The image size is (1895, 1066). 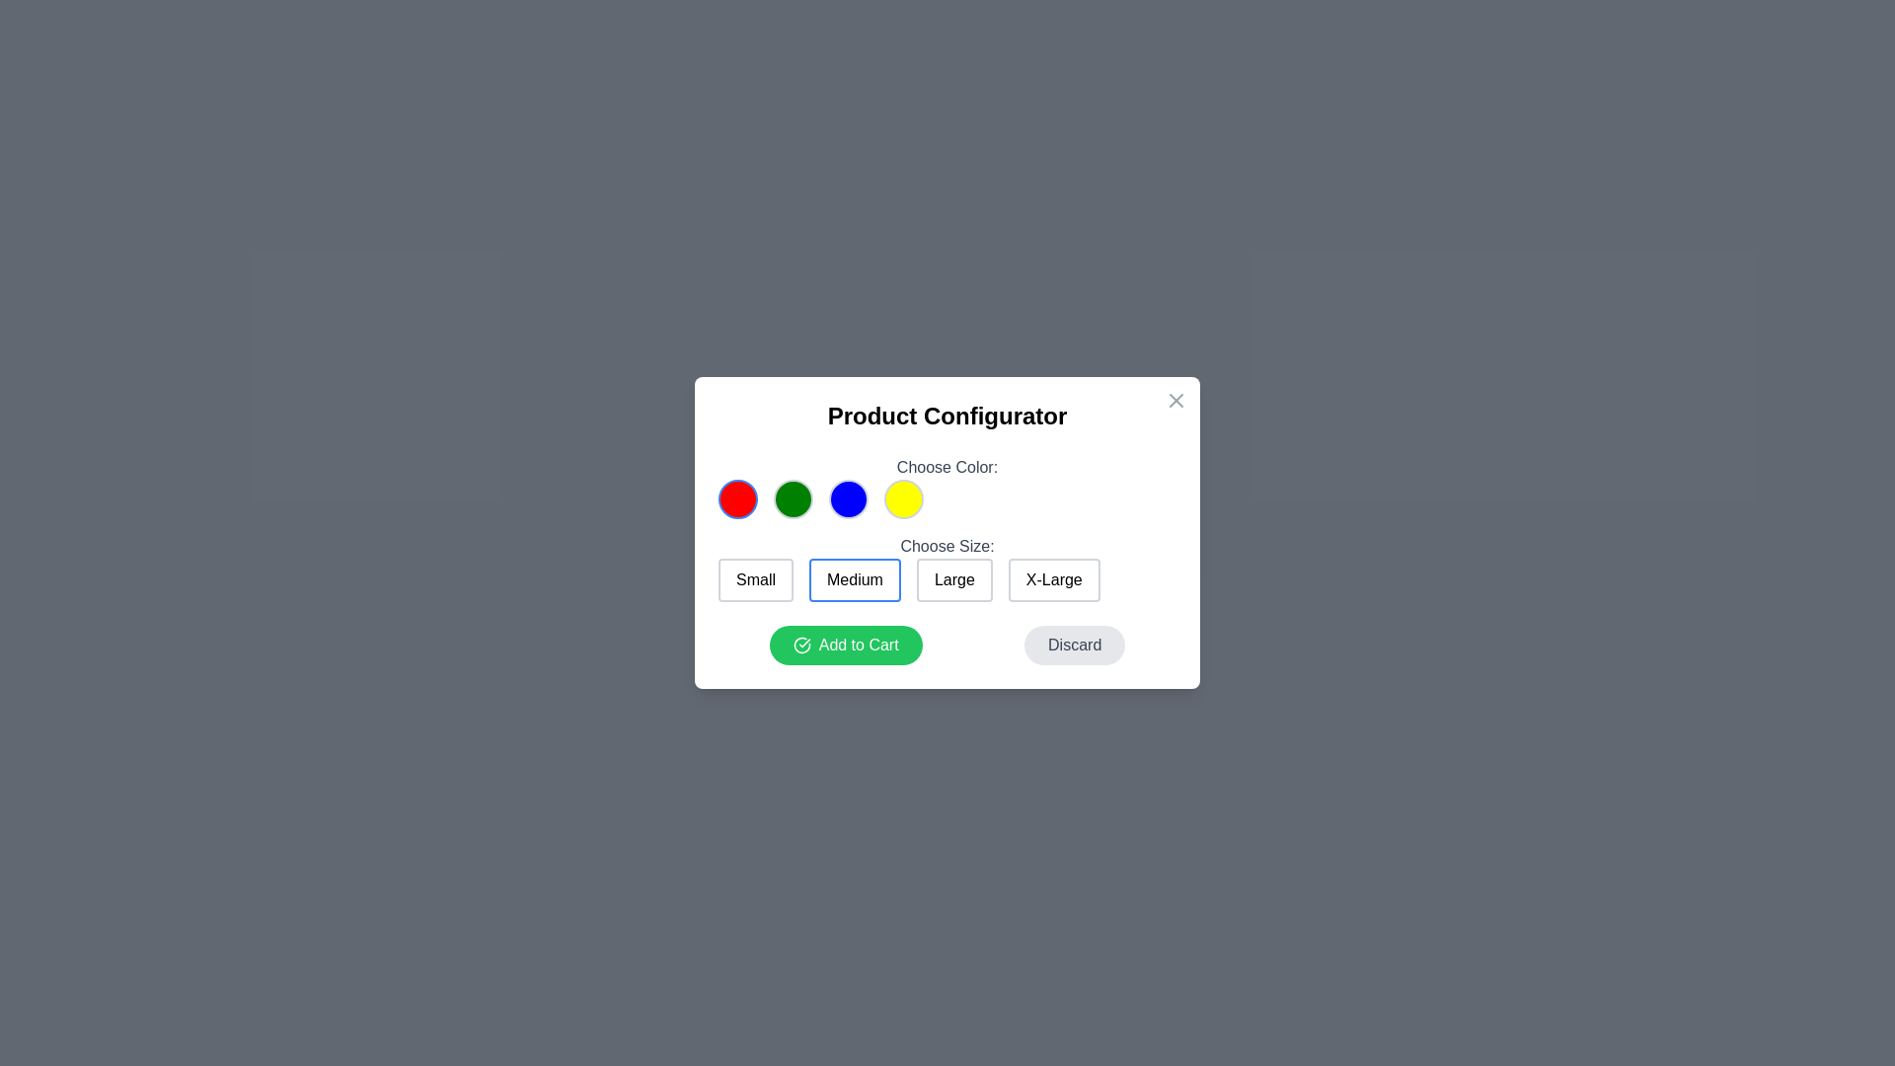 What do you see at coordinates (947, 560) in the screenshot?
I see `the 'Large' button, which is the third button in the group of size options in the product configurator interface` at bounding box center [947, 560].